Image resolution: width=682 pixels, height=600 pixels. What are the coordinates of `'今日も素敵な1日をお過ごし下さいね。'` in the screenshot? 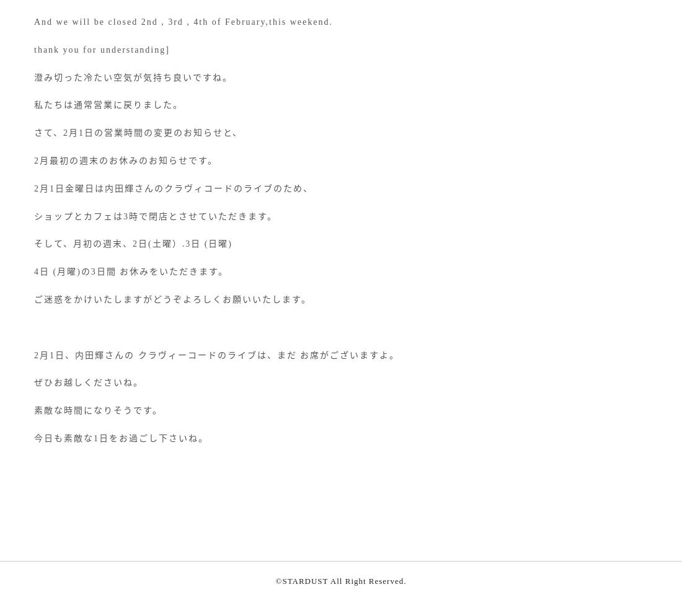 It's located at (120, 437).